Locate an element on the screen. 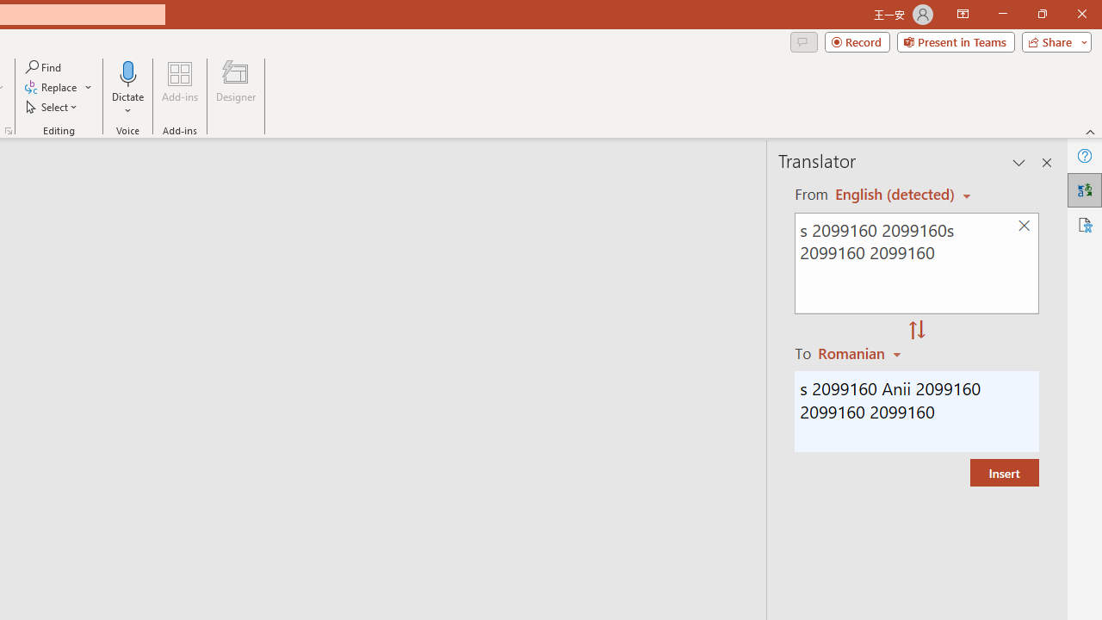 This screenshot has width=1102, height=620. 'Swap "from" and "to" languages.' is located at coordinates (916, 331).